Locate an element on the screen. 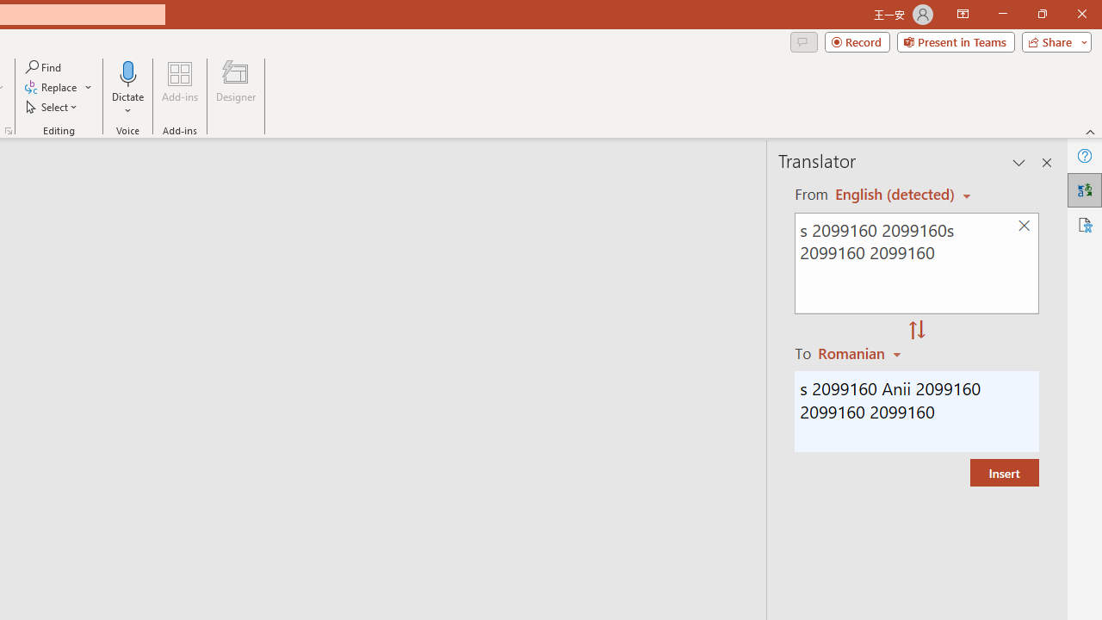 This screenshot has width=1102, height=620. 'Swap "from" and "to" languages.' is located at coordinates (916, 331).